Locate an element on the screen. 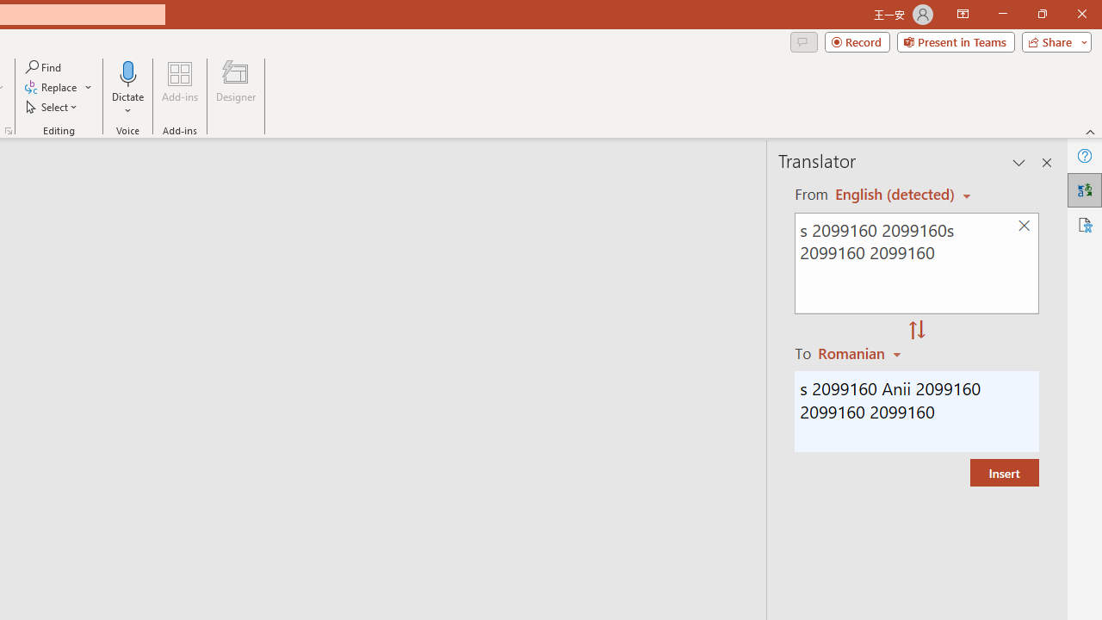 This screenshot has width=1102, height=620. 'Swap "from" and "to" languages.' is located at coordinates (916, 331).